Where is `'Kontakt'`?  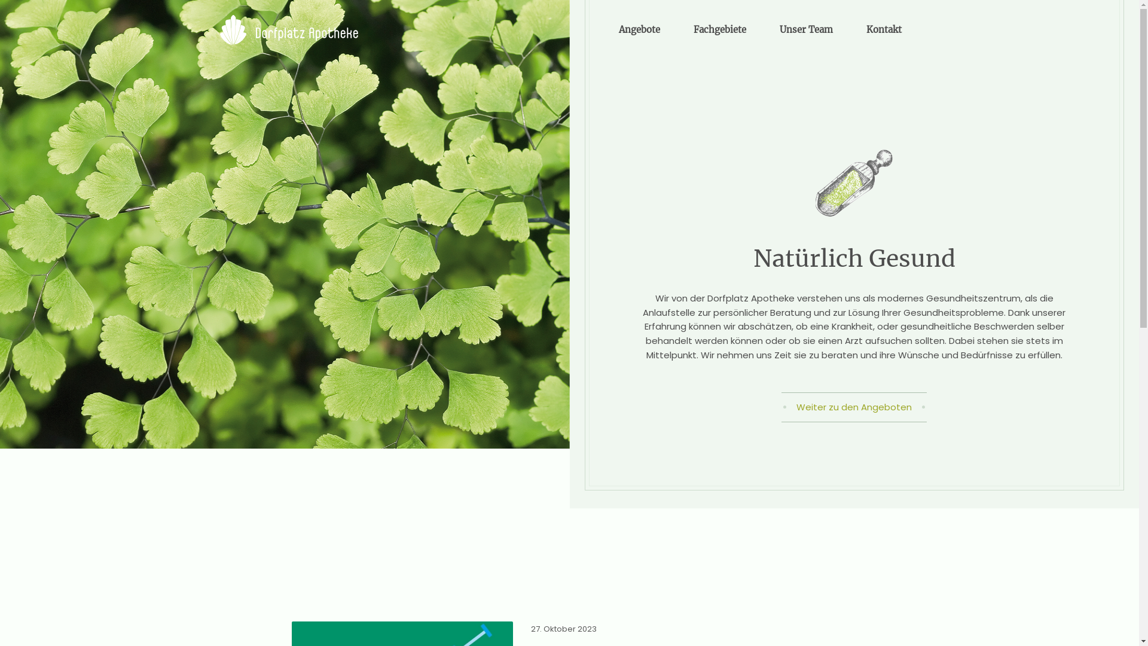
'Kontakt' is located at coordinates (849, 29).